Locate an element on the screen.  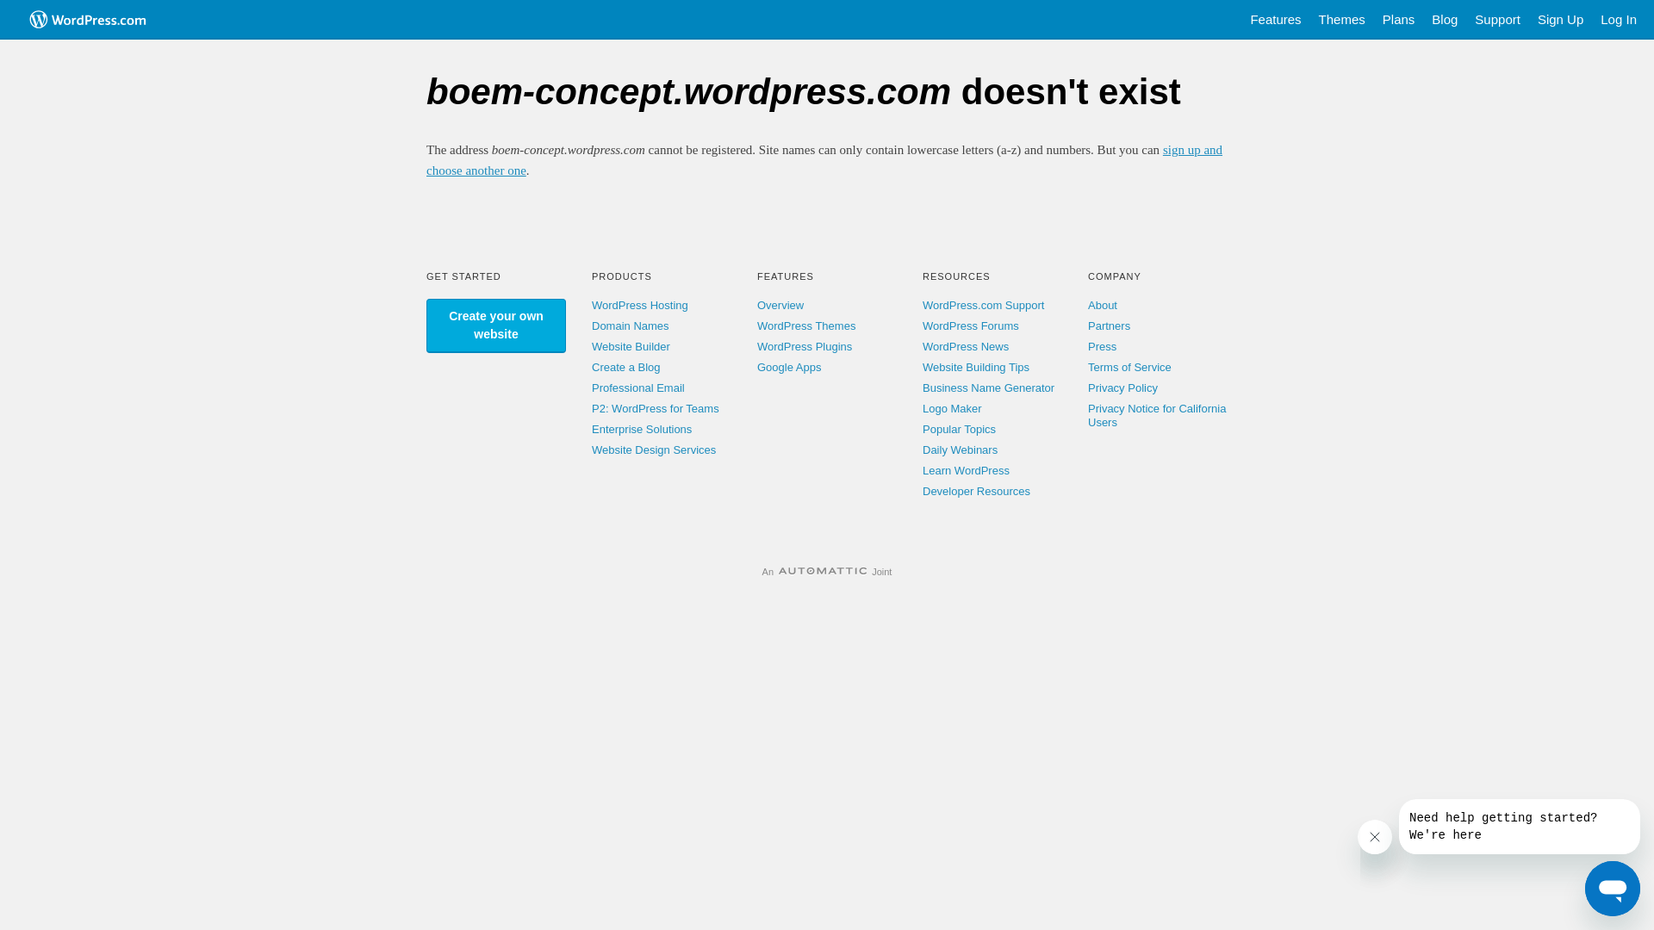
'Enterprise Solutions' is located at coordinates (591, 428).